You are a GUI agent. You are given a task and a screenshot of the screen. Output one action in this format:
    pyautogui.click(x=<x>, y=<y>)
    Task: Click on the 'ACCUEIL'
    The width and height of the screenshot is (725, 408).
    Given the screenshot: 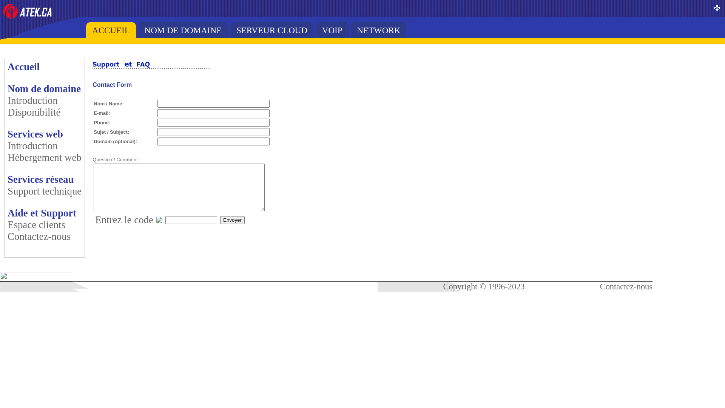 What is the action you would take?
    pyautogui.click(x=110, y=29)
    